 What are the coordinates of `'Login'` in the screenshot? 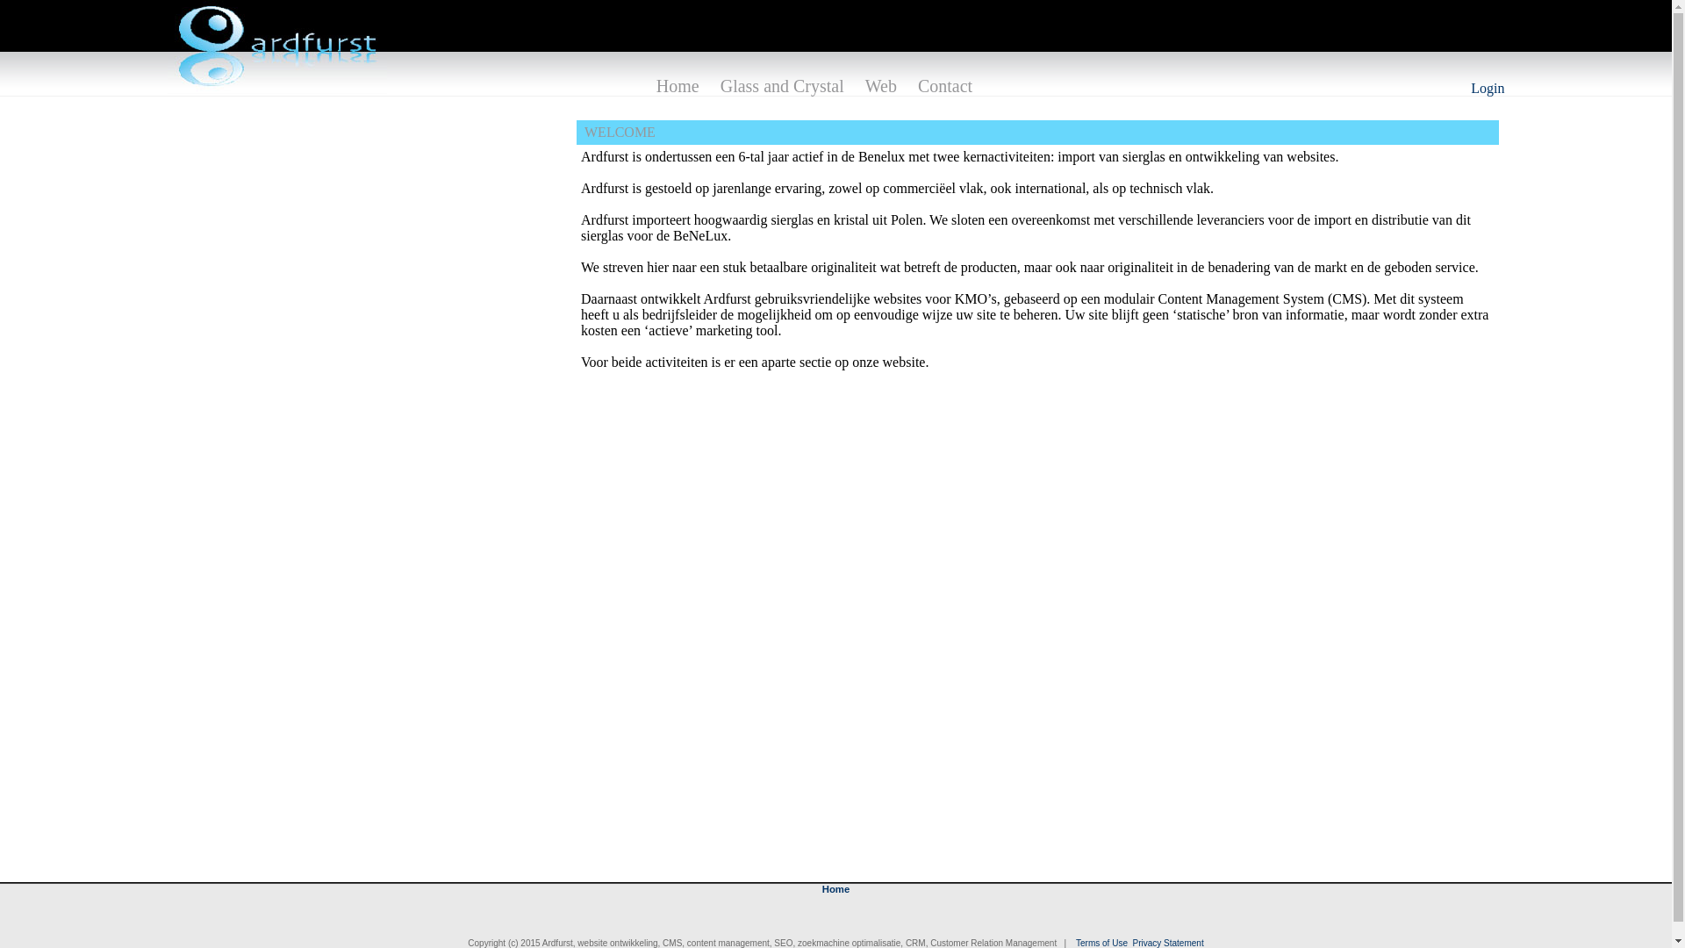 It's located at (1470, 88).